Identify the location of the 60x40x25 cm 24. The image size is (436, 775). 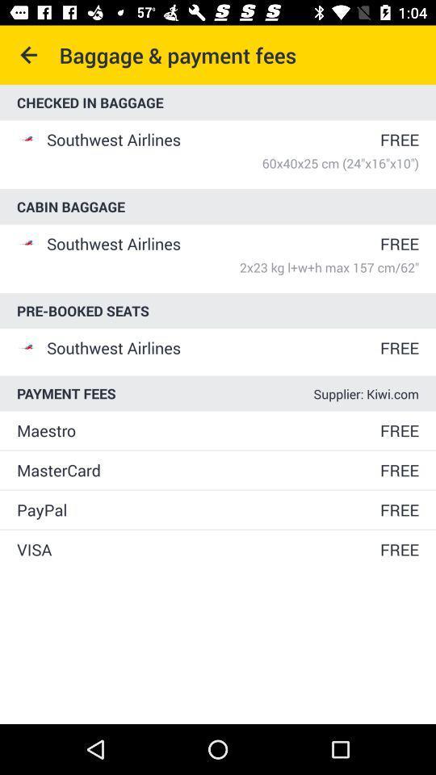
(232, 163).